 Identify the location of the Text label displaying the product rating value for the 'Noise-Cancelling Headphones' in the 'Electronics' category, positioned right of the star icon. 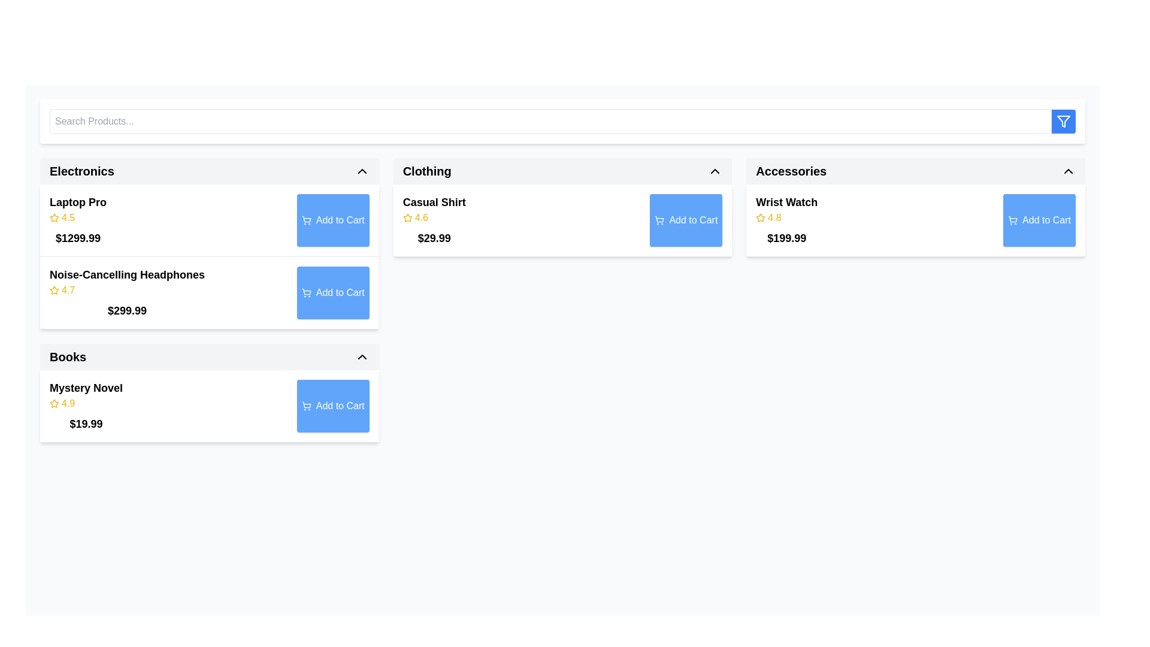
(68, 291).